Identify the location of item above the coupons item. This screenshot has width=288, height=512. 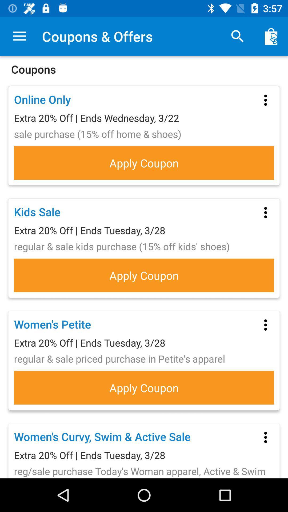
(237, 36).